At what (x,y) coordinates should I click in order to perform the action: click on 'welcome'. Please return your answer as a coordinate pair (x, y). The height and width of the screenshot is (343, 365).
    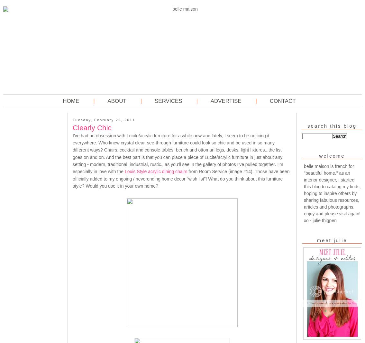
    Looking at the image, I should click on (332, 156).